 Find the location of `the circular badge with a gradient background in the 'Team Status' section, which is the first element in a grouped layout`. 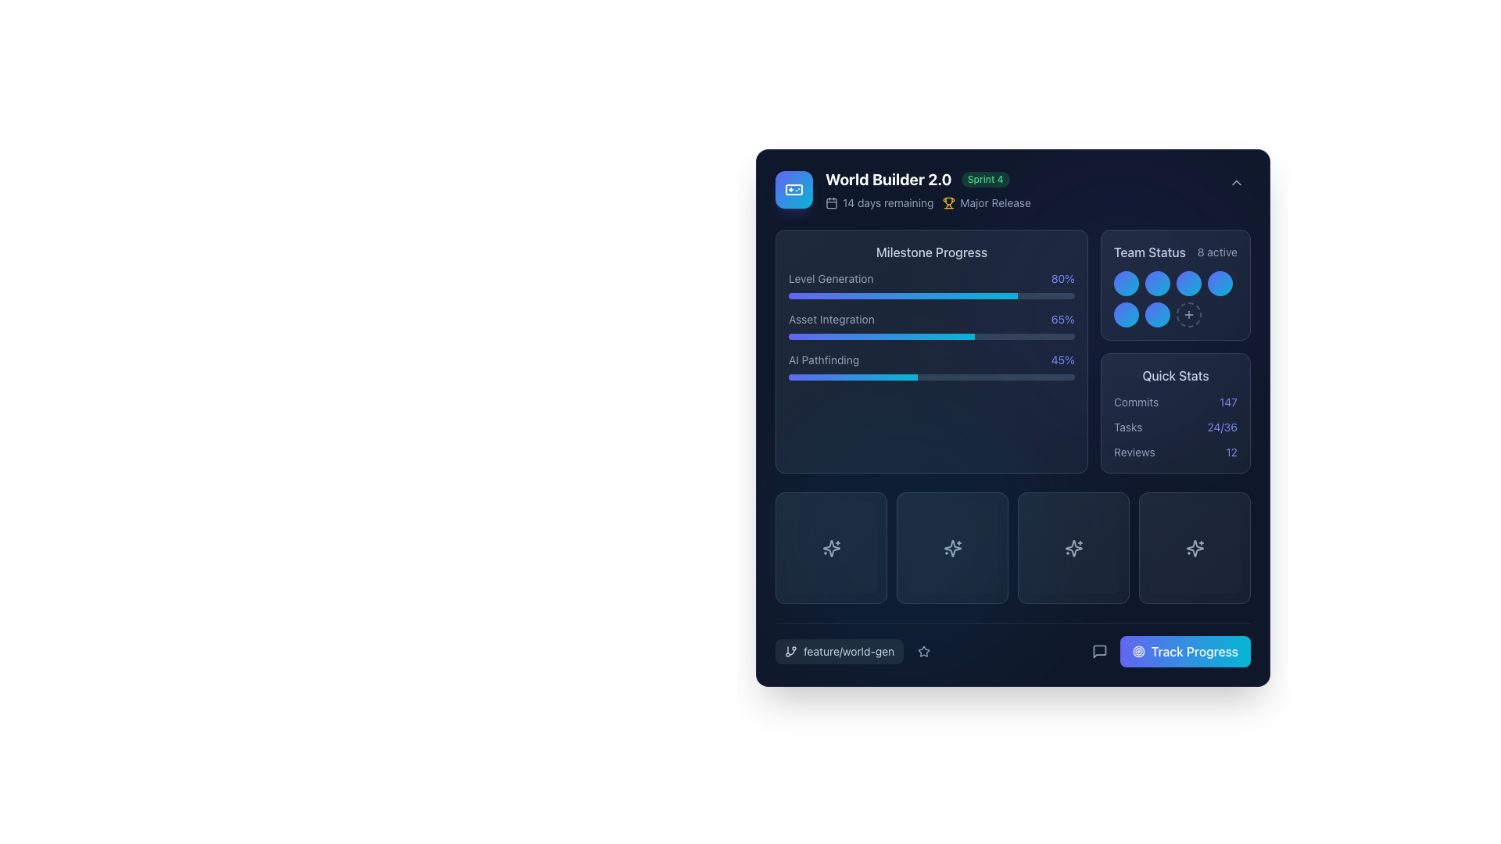

the circular badge with a gradient background in the 'Team Status' section, which is the first element in a grouped layout is located at coordinates (1126, 283).